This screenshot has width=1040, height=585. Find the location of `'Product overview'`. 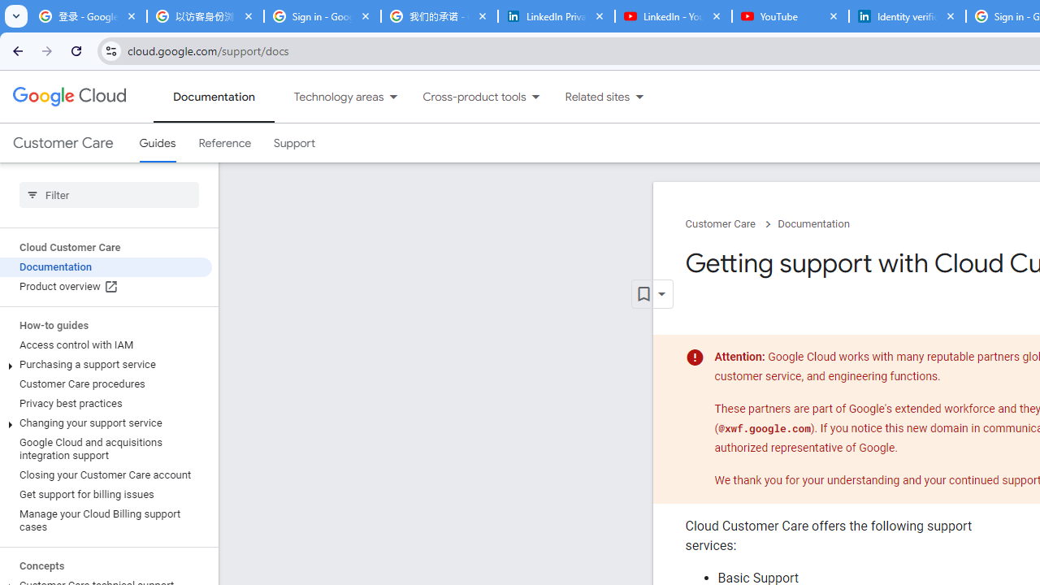

'Product overview' is located at coordinates (105, 286).